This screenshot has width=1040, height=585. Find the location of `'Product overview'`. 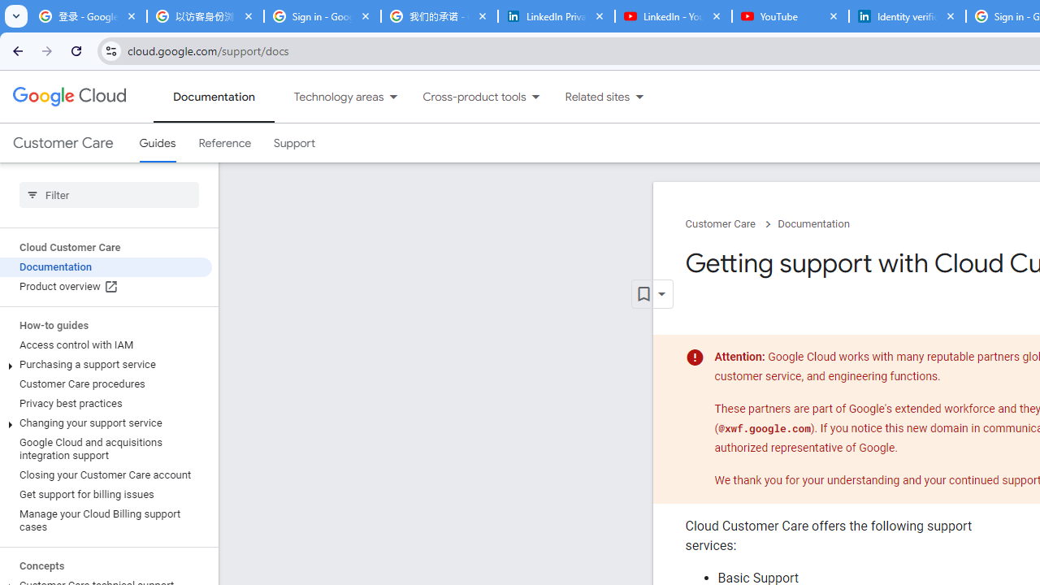

'Product overview' is located at coordinates (105, 286).